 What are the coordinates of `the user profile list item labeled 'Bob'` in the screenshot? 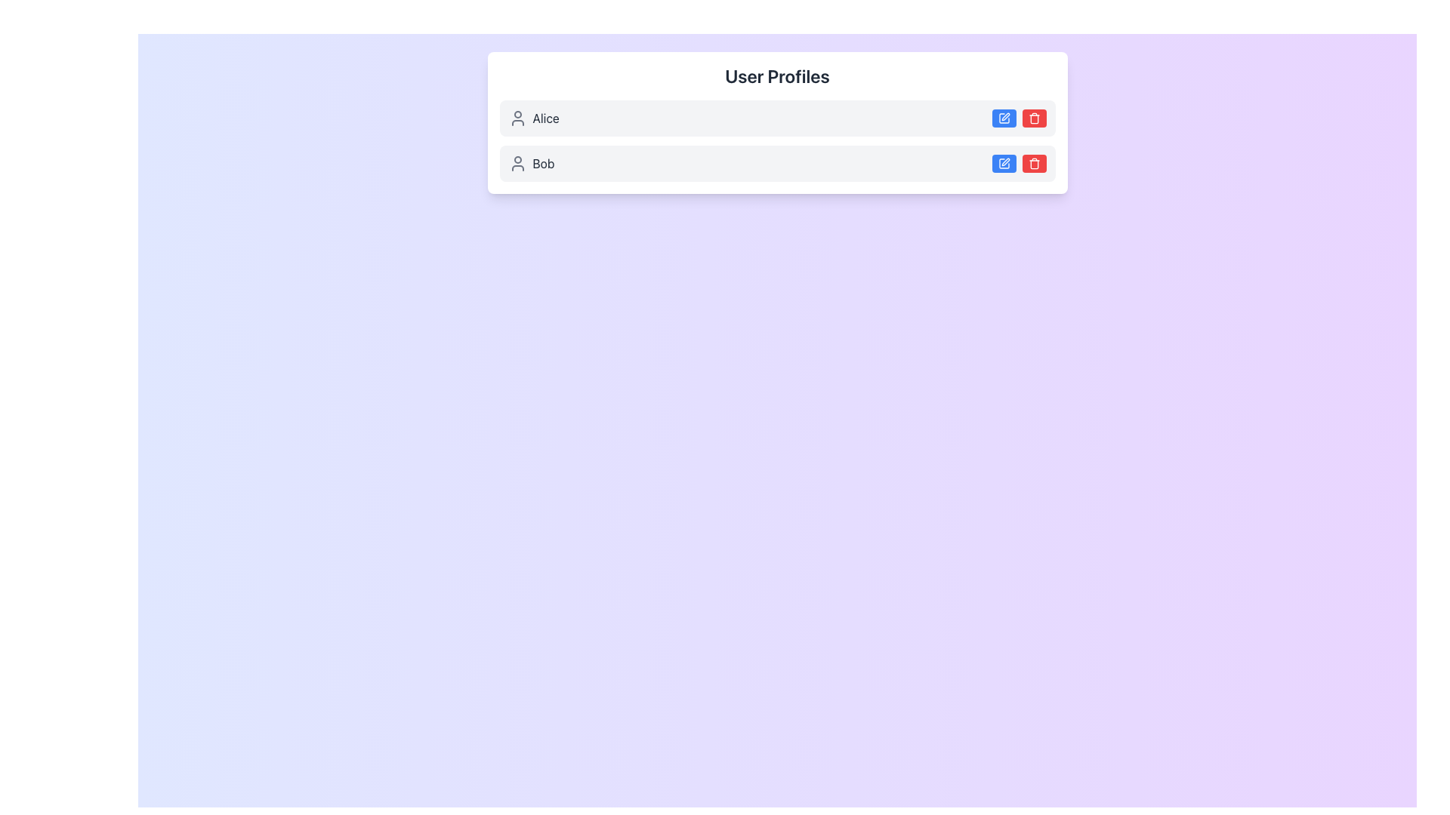 It's located at (777, 163).